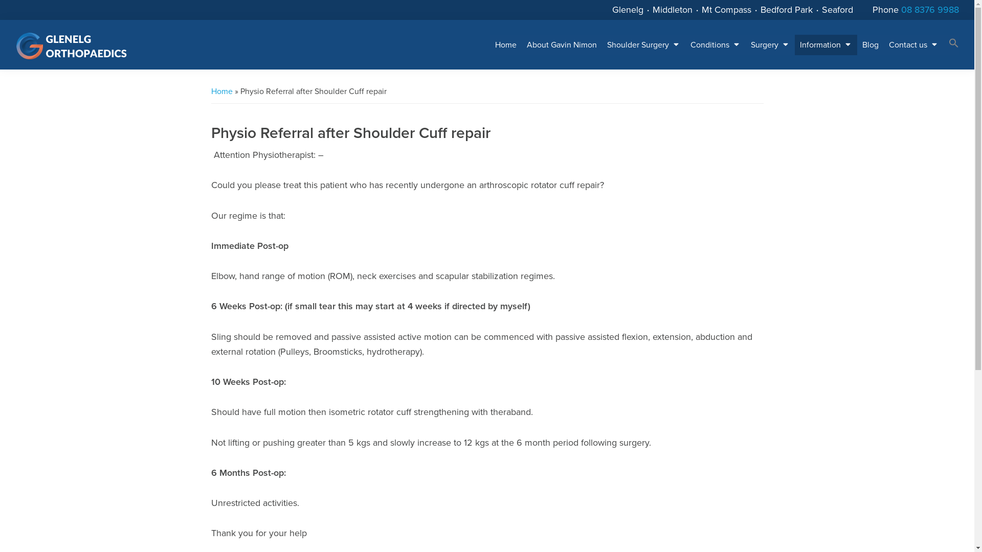  Describe the element at coordinates (822, 10) in the screenshot. I see `'Seaford'` at that location.